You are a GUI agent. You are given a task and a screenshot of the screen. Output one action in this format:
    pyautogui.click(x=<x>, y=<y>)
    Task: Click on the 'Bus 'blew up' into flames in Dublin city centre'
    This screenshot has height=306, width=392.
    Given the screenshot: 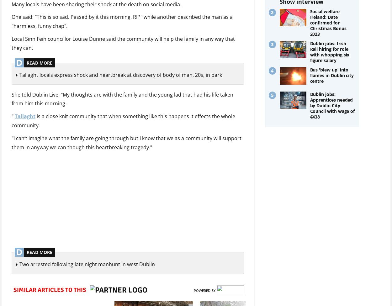 What is the action you would take?
    pyautogui.click(x=332, y=75)
    